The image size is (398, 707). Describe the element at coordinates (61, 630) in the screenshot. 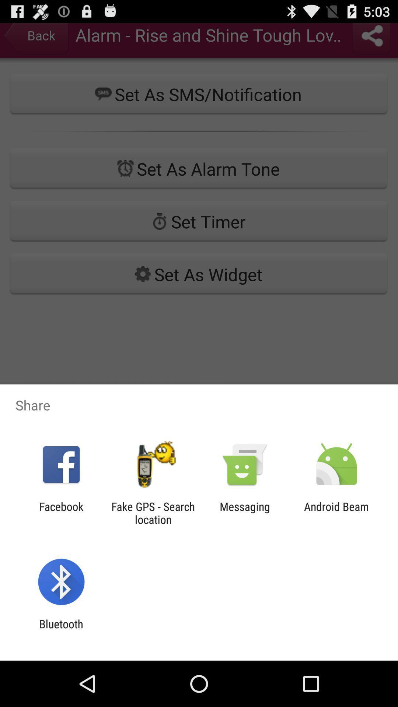

I see `the bluetooth` at that location.